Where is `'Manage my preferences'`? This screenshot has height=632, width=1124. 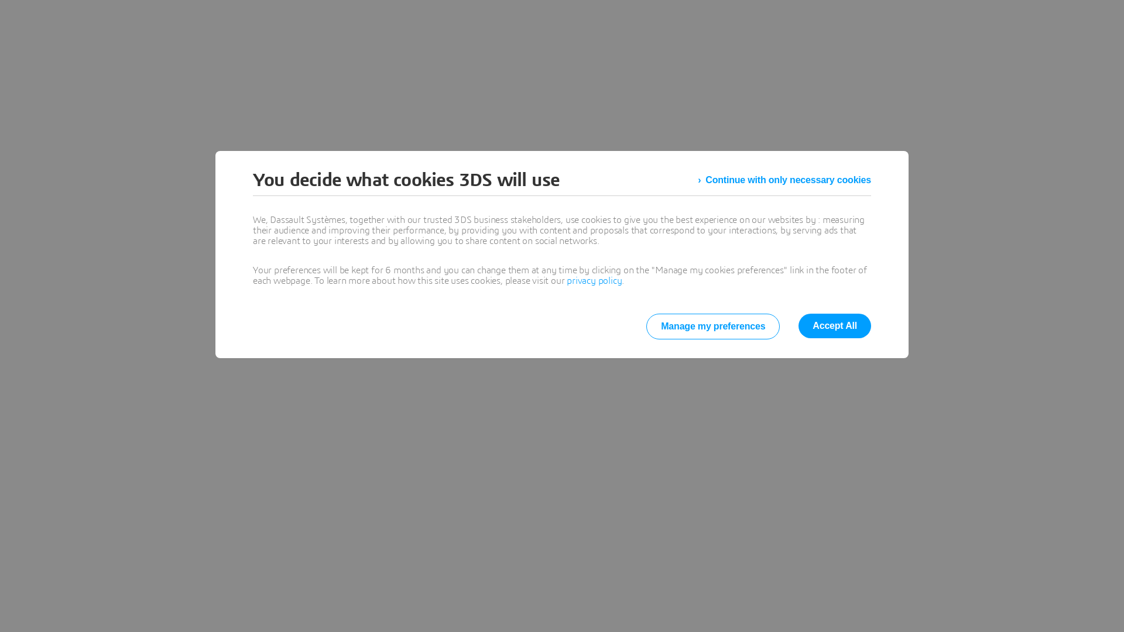
'Manage my preferences' is located at coordinates (712, 327).